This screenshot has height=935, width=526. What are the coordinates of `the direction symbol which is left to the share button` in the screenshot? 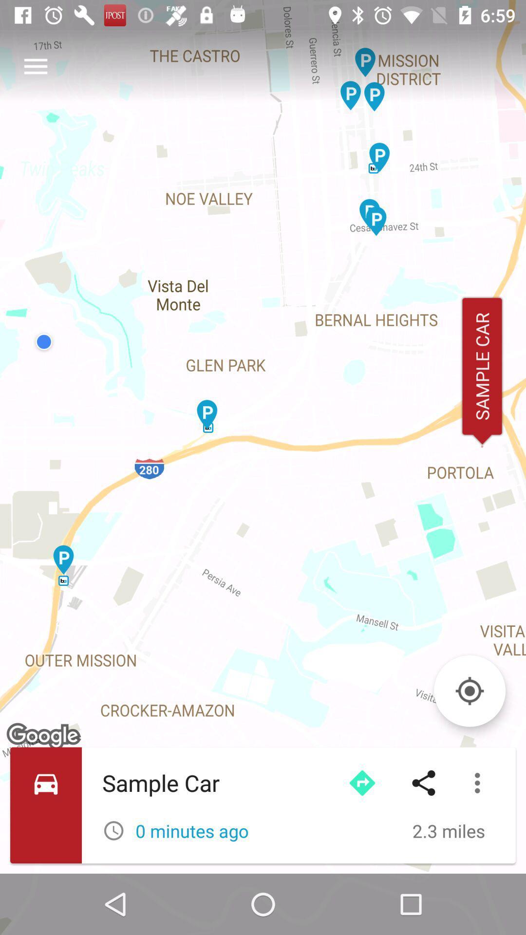 It's located at (362, 783).